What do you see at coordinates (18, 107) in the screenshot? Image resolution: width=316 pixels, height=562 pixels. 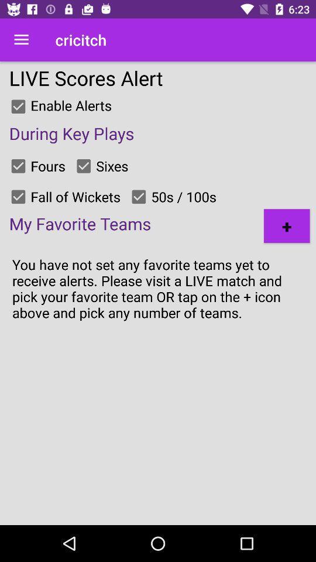 I see `enable alerts` at bounding box center [18, 107].